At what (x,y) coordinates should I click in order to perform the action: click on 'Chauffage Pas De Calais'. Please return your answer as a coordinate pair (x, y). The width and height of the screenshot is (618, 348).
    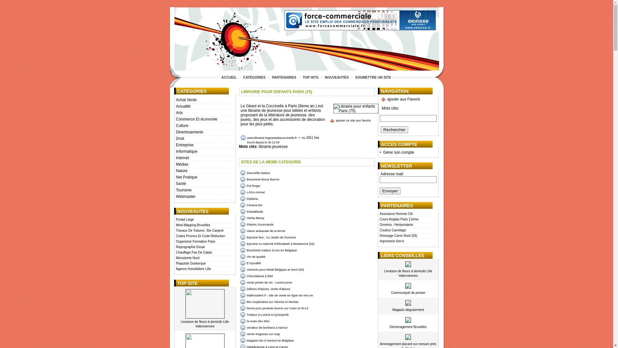
    Looking at the image, I should click on (204, 252).